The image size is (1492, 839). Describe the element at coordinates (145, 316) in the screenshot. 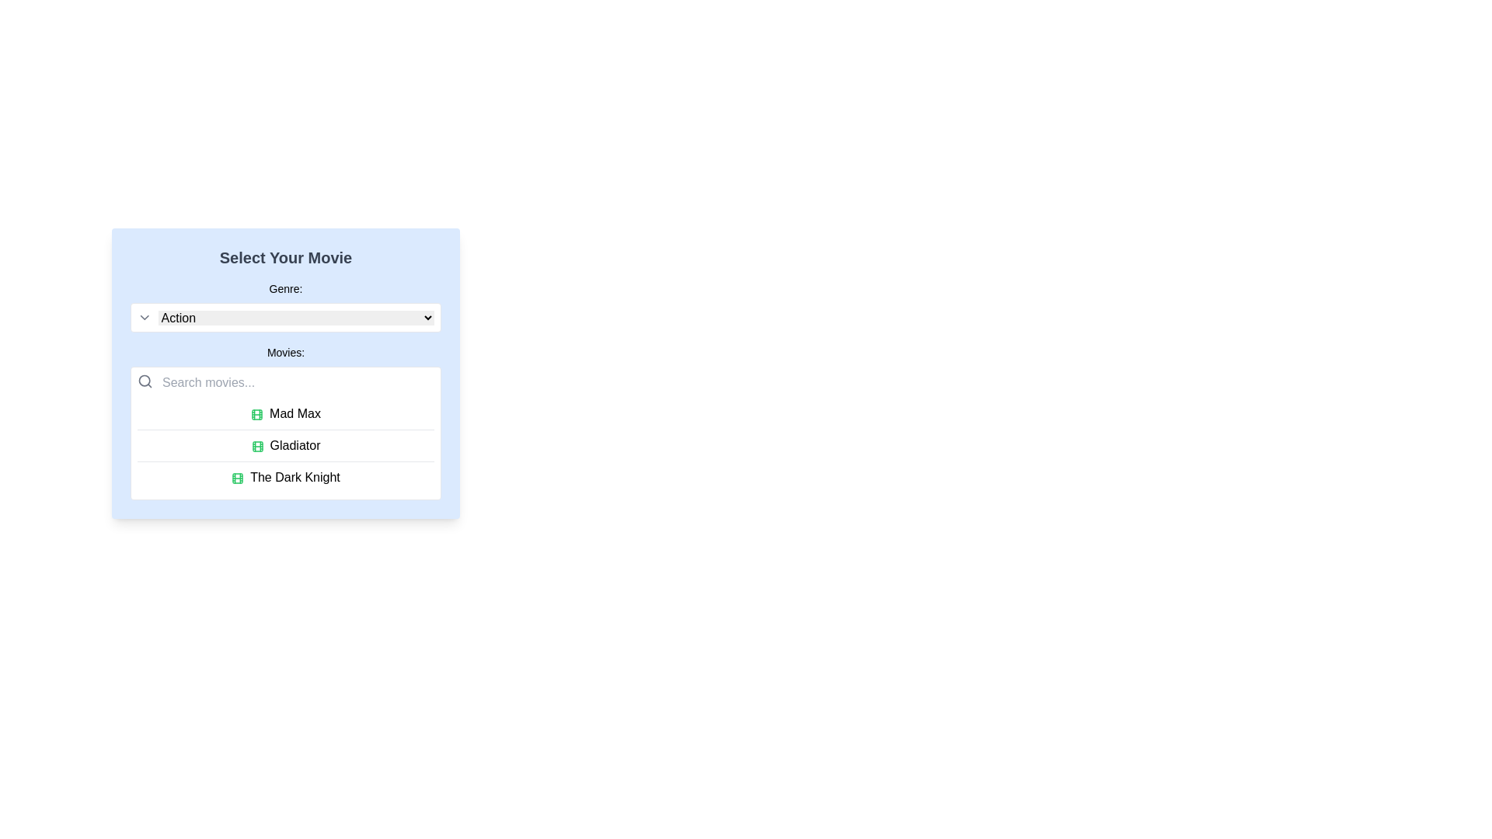

I see `the chevron icon that indicates a dropdown menu for the 'Genre' selection, located to the left of the text 'Action'` at that location.